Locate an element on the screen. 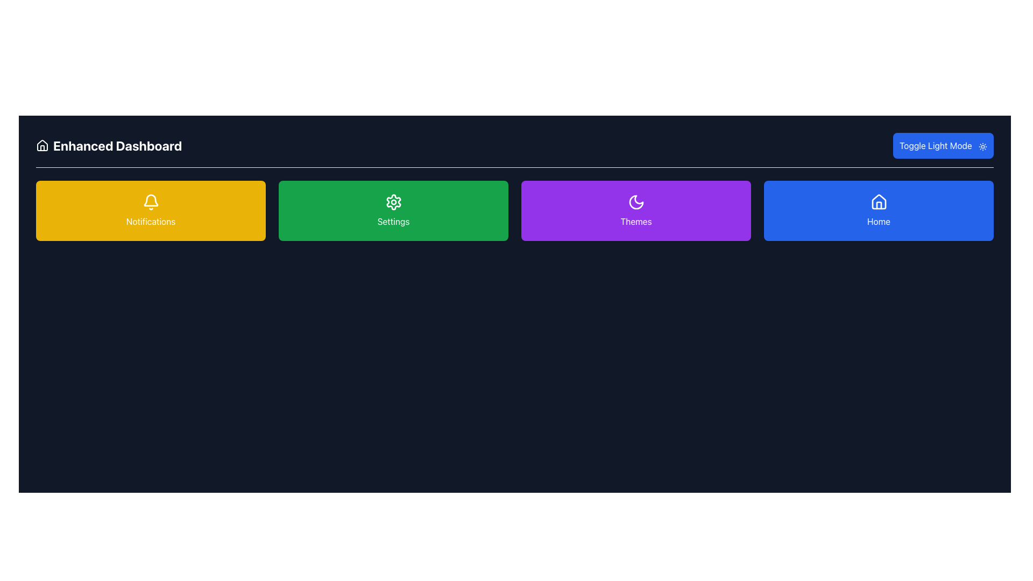 The width and height of the screenshot is (1033, 581). the 'Themes' button located between the 'Settings' button (green background) and the 'Home' button (blue background) is located at coordinates (636, 211).